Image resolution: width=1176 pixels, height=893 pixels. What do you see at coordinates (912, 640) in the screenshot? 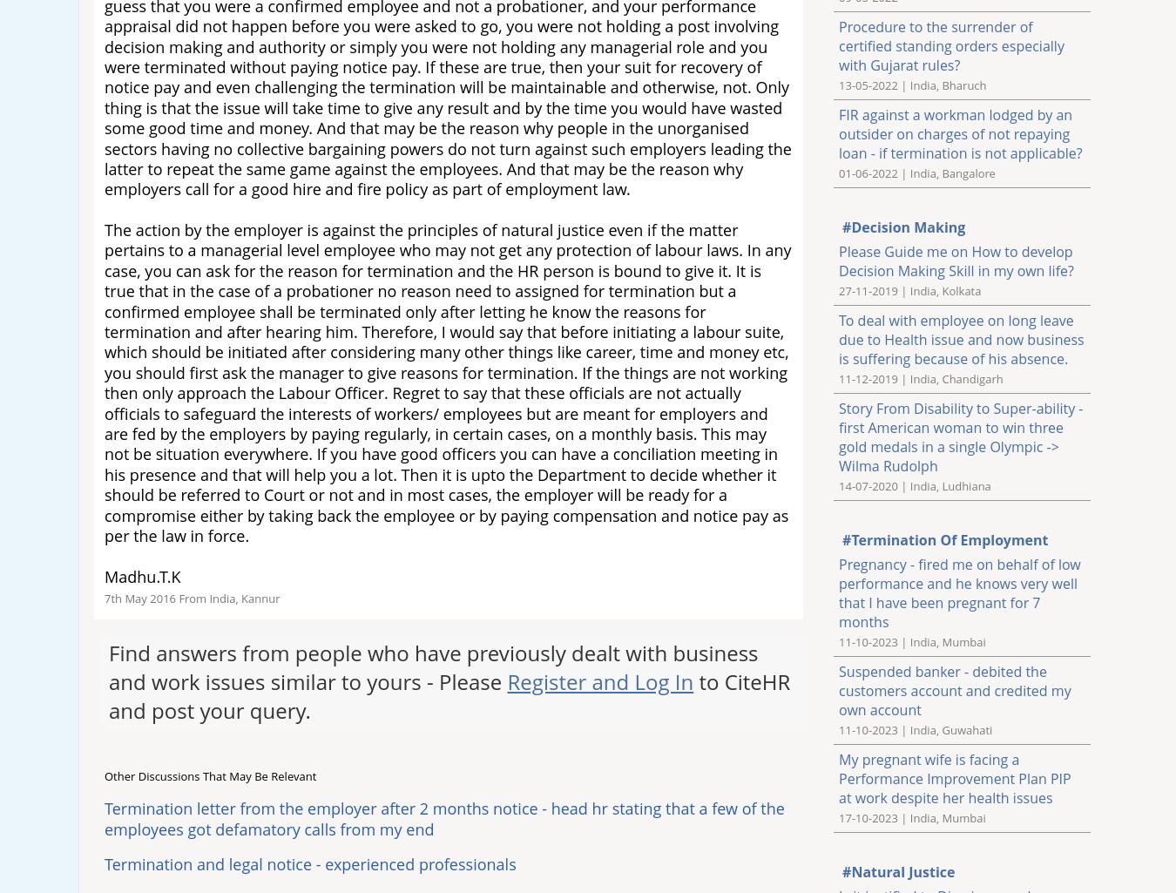
I see `'11-10-2023 | India, Mumbai'` at bounding box center [912, 640].